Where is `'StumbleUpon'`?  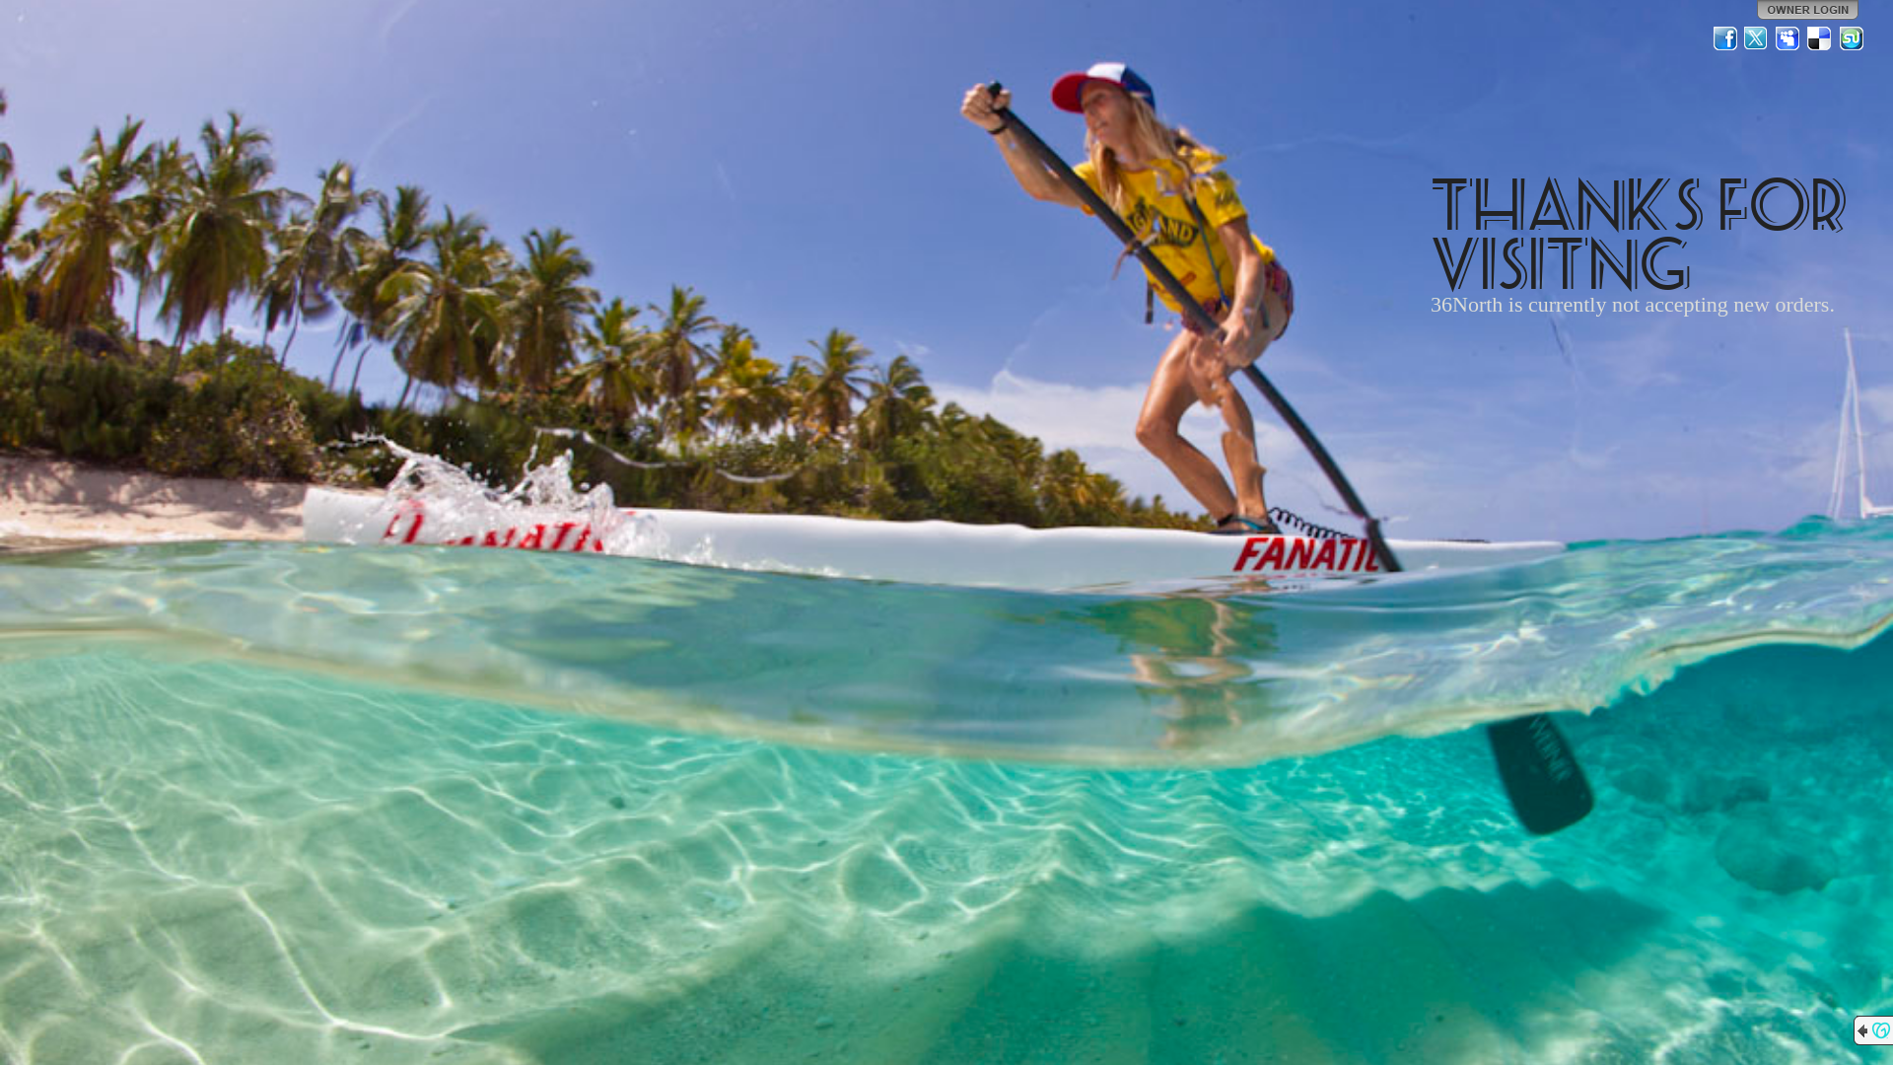
'StumbleUpon' is located at coordinates (1850, 37).